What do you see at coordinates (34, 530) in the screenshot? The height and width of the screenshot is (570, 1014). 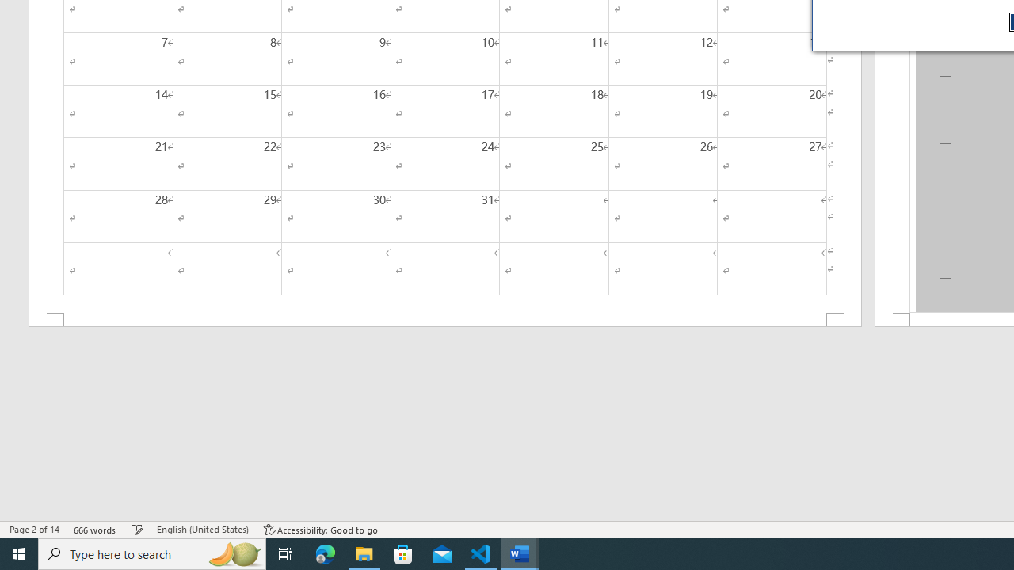 I see `'Page Number Page 2 of 14'` at bounding box center [34, 530].